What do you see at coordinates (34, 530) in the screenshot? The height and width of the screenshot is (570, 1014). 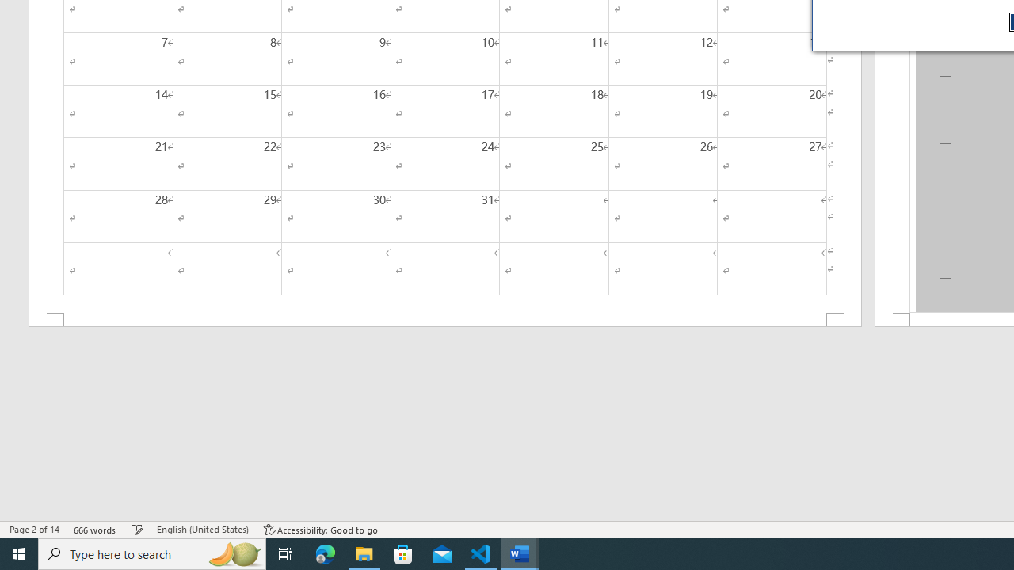 I see `'Page Number Page 2 of 14'` at bounding box center [34, 530].